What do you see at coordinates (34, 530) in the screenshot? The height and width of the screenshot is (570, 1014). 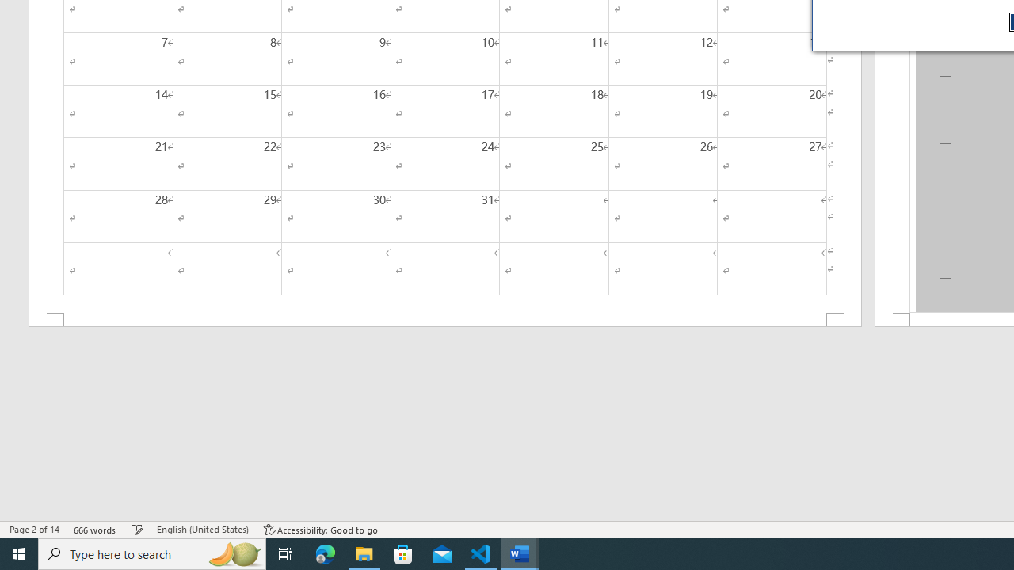 I see `'Page Number Page 2 of 14'` at bounding box center [34, 530].